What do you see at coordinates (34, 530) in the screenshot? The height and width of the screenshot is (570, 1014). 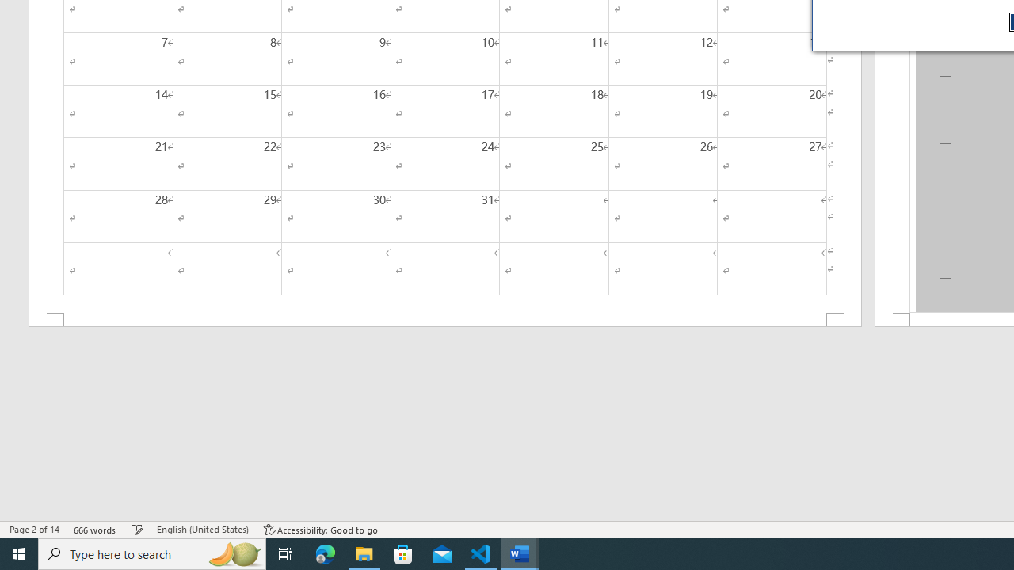 I see `'Page Number Page 2 of 14'` at bounding box center [34, 530].